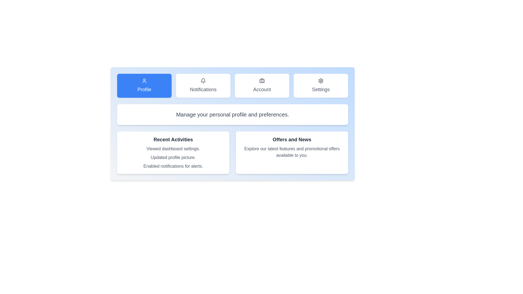  Describe the element at coordinates (144, 81) in the screenshot. I see `the user profile management icon located within the 'Profile' button, positioned above the text 'Profile'` at that location.